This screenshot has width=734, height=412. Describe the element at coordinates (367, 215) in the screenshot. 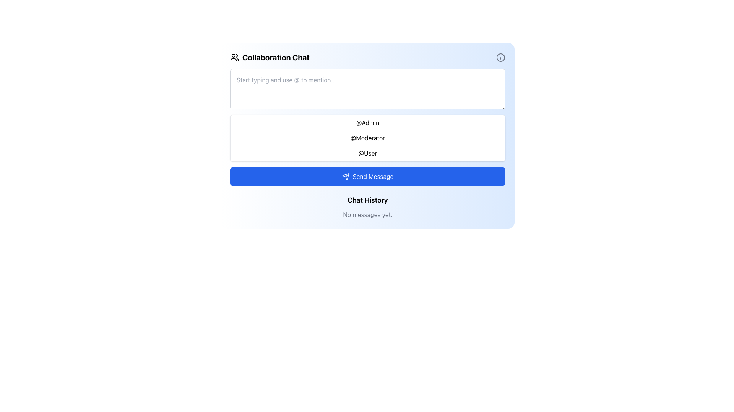

I see `the static text label that says 'No messages yet.' which is styled in gray color and located below the 'Chat History' heading in the chat interface` at that location.